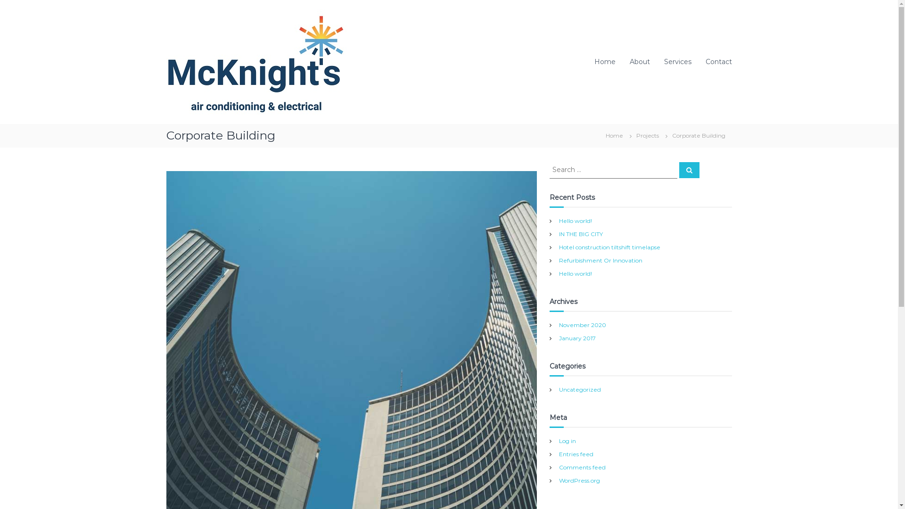  What do you see at coordinates (575, 273) in the screenshot?
I see `'Hello world!'` at bounding box center [575, 273].